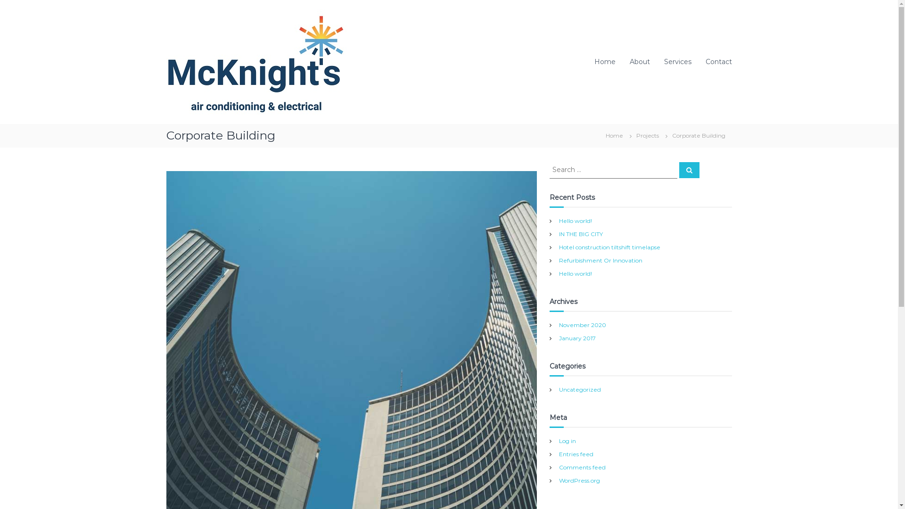  What do you see at coordinates (575, 273) in the screenshot?
I see `'Hello world!'` at bounding box center [575, 273].